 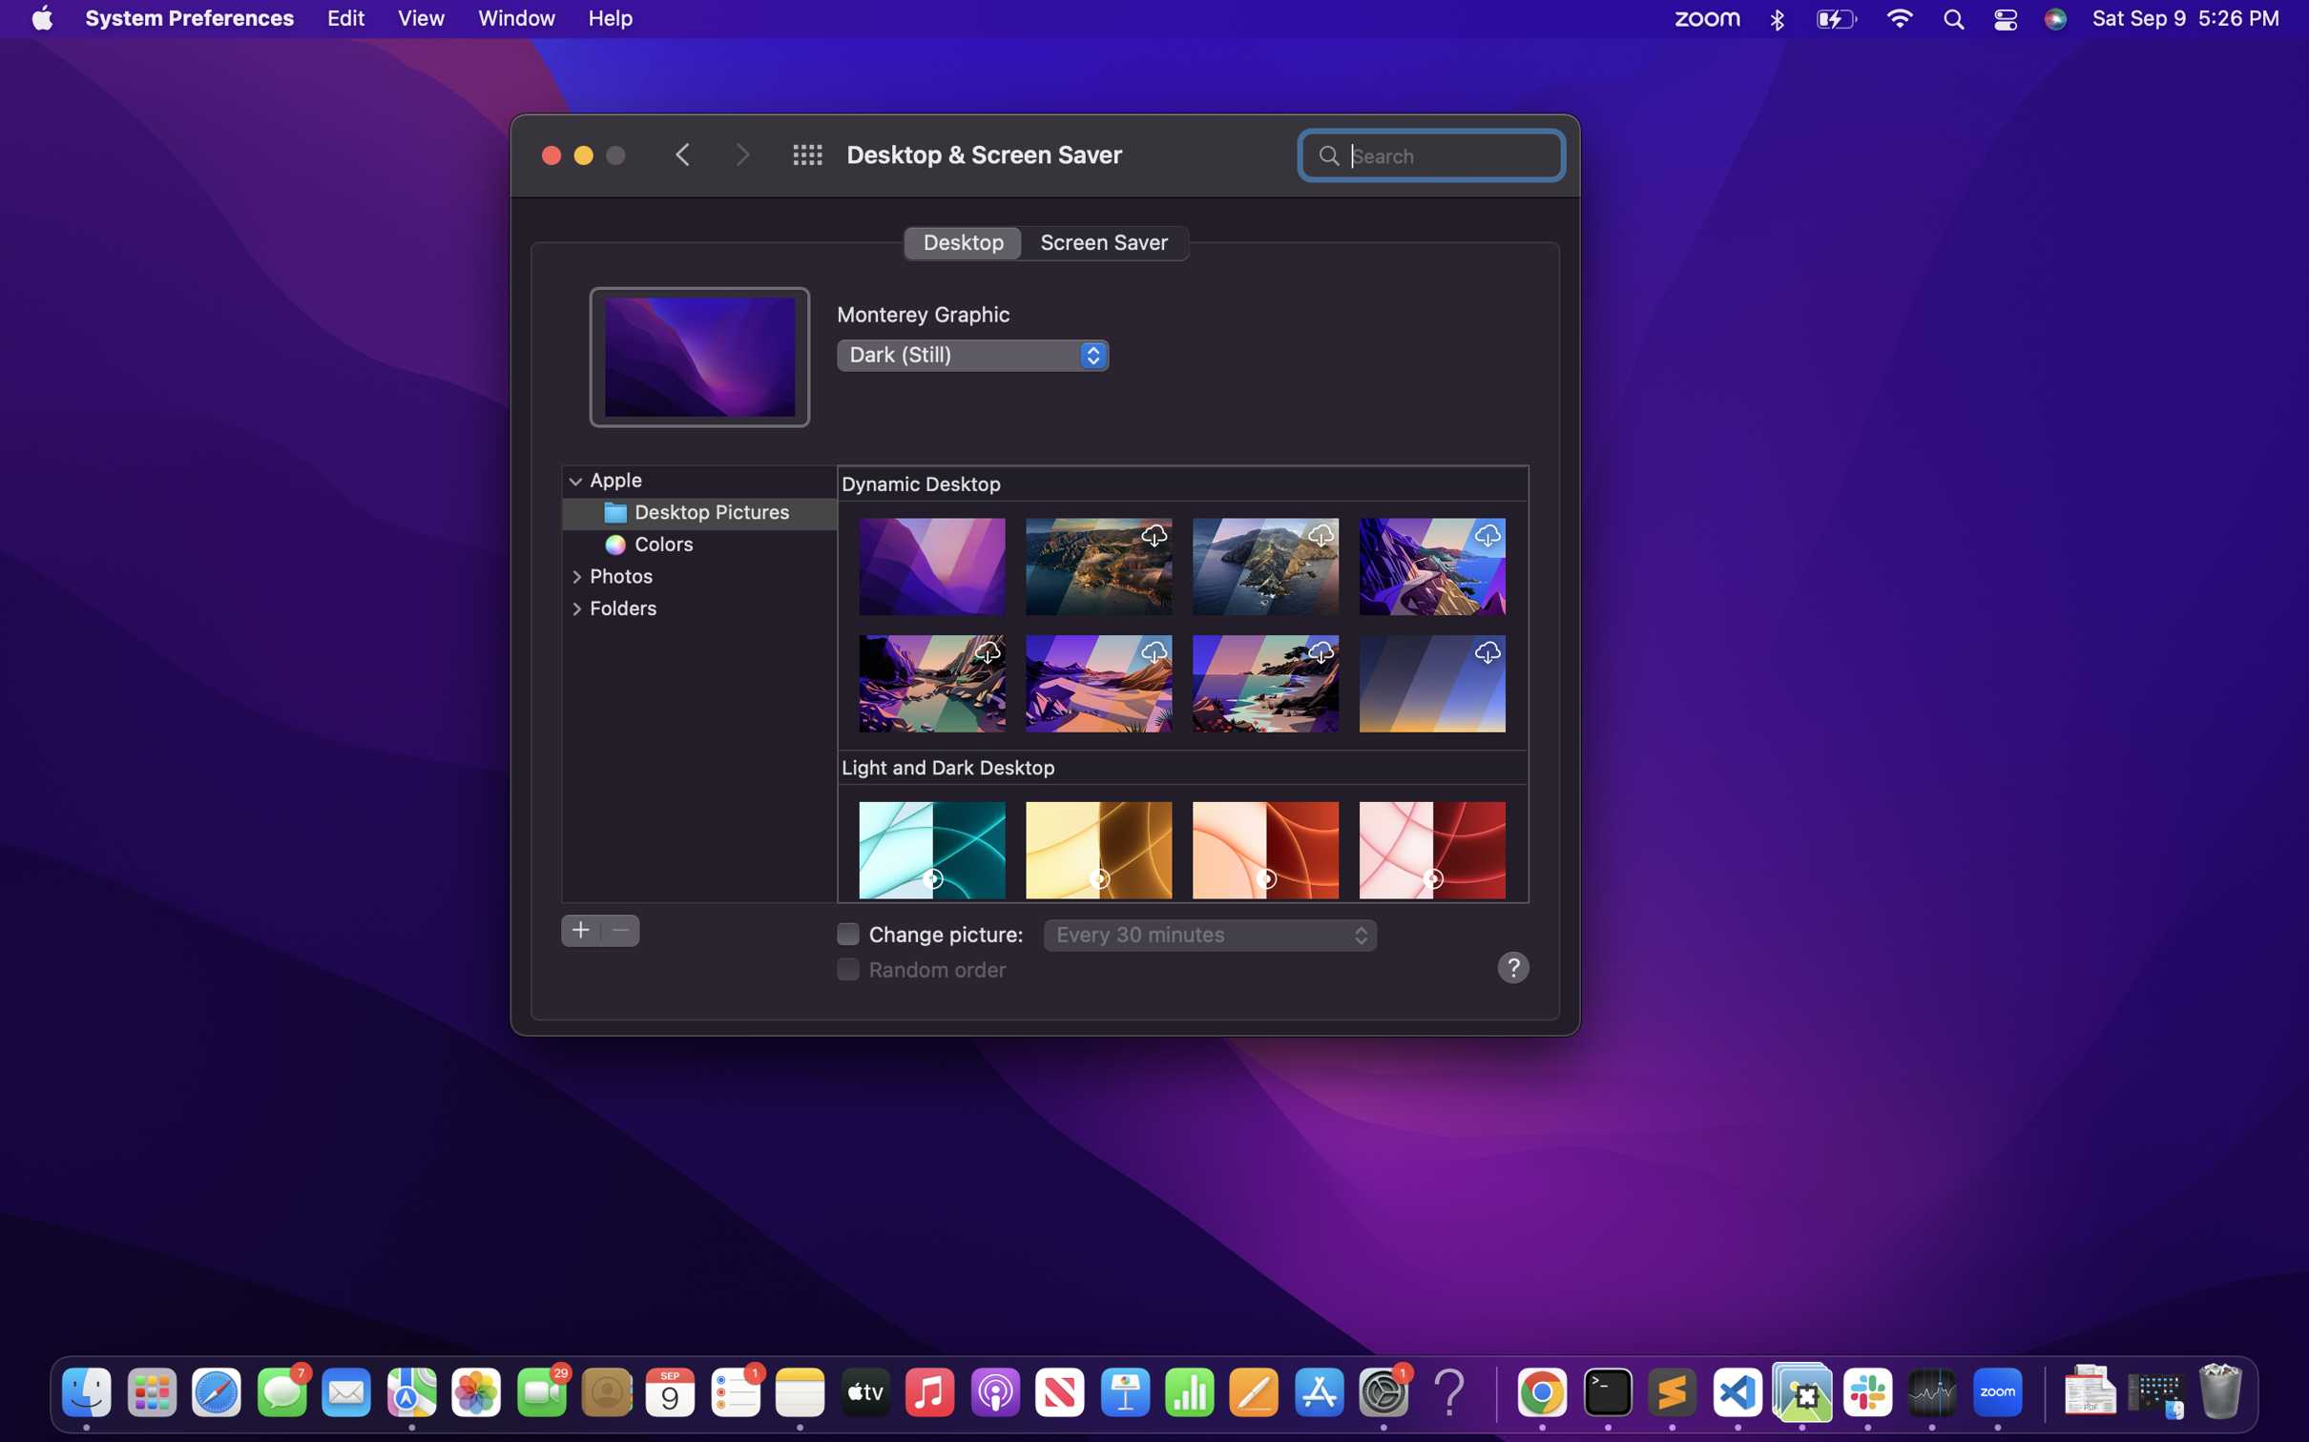 I want to click on the search area, so click(x=1431, y=153).